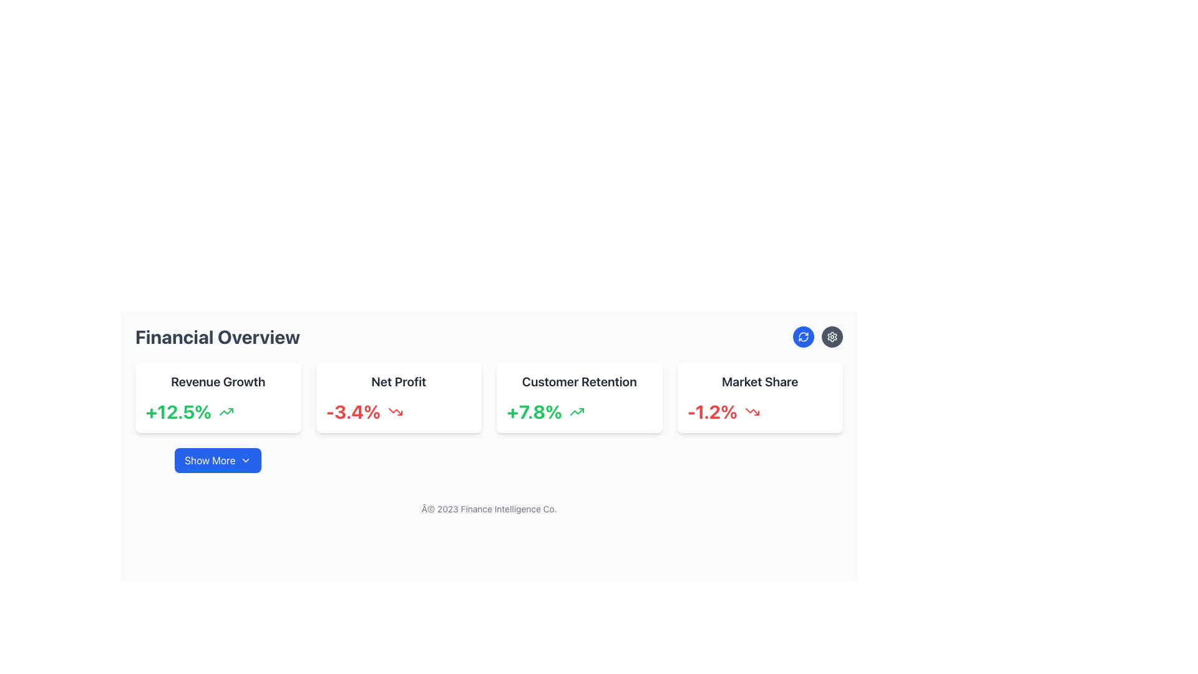 This screenshot has height=674, width=1198. I want to click on the Text Display element that shows the text '+12.5%' in a large, bold, green font, located in the top-left section of the 'Revenue Growth' card in the Financial Overview dashboard, so click(178, 411).